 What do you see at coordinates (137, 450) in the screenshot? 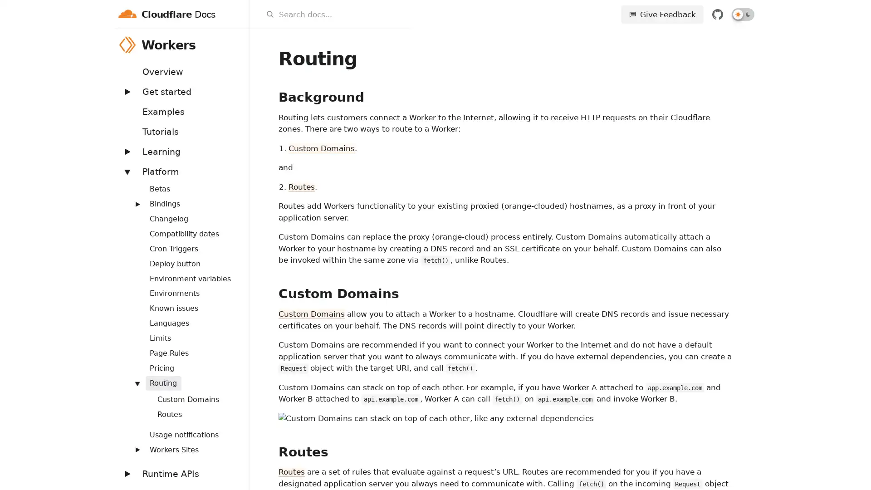
I see `Expand: Workers Sites` at bounding box center [137, 450].